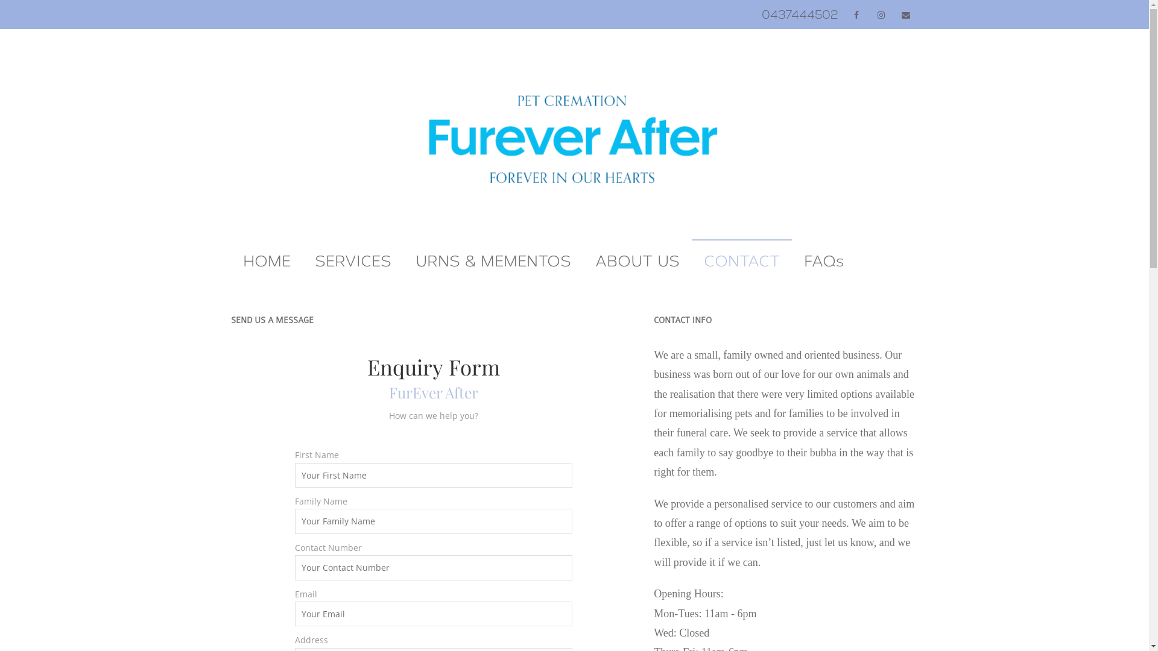 The image size is (1158, 651). What do you see at coordinates (492, 260) in the screenshot?
I see `'URNS & MEMENTOS'` at bounding box center [492, 260].